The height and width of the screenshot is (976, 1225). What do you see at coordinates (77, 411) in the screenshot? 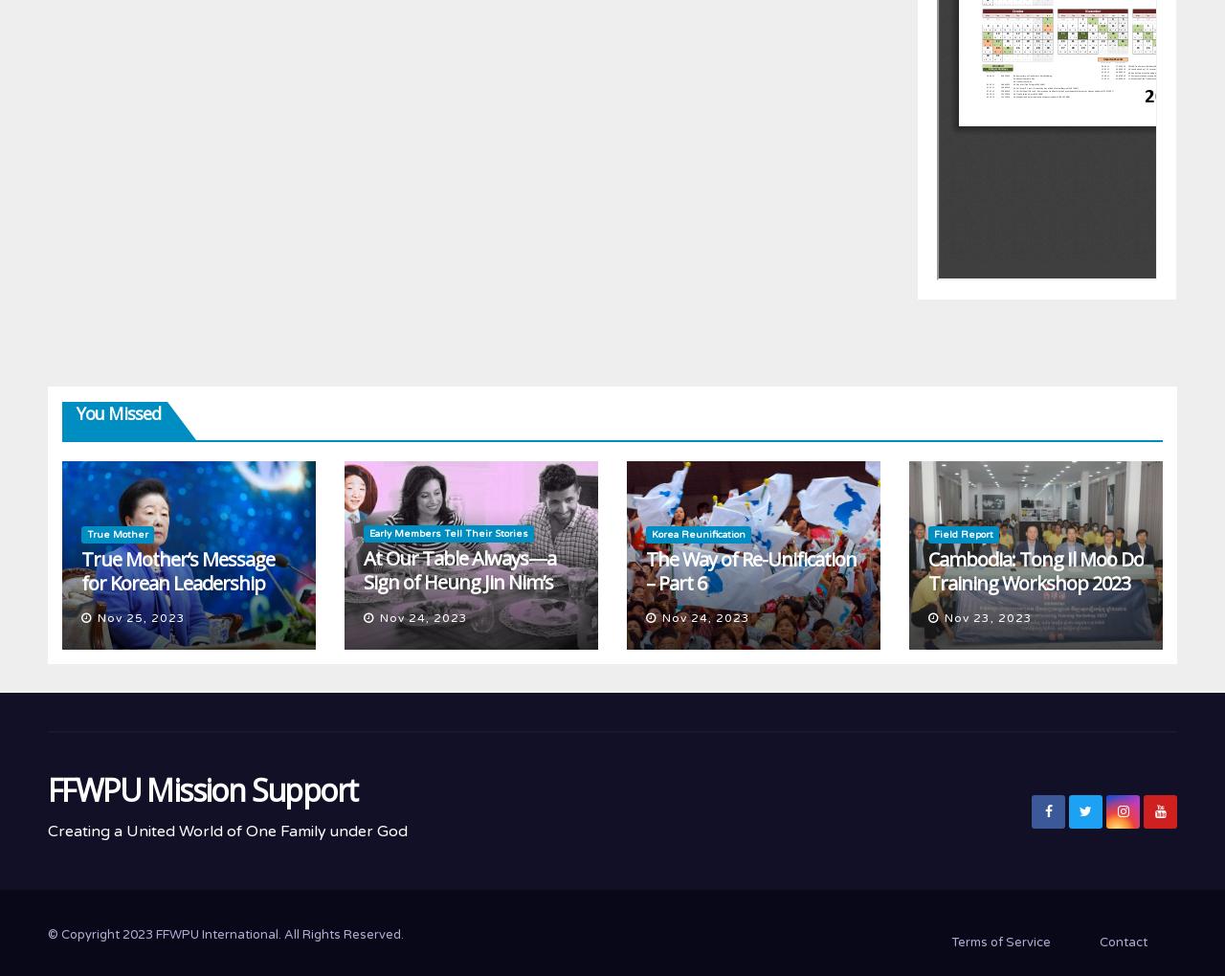
I see `'You Missed'` at bounding box center [77, 411].